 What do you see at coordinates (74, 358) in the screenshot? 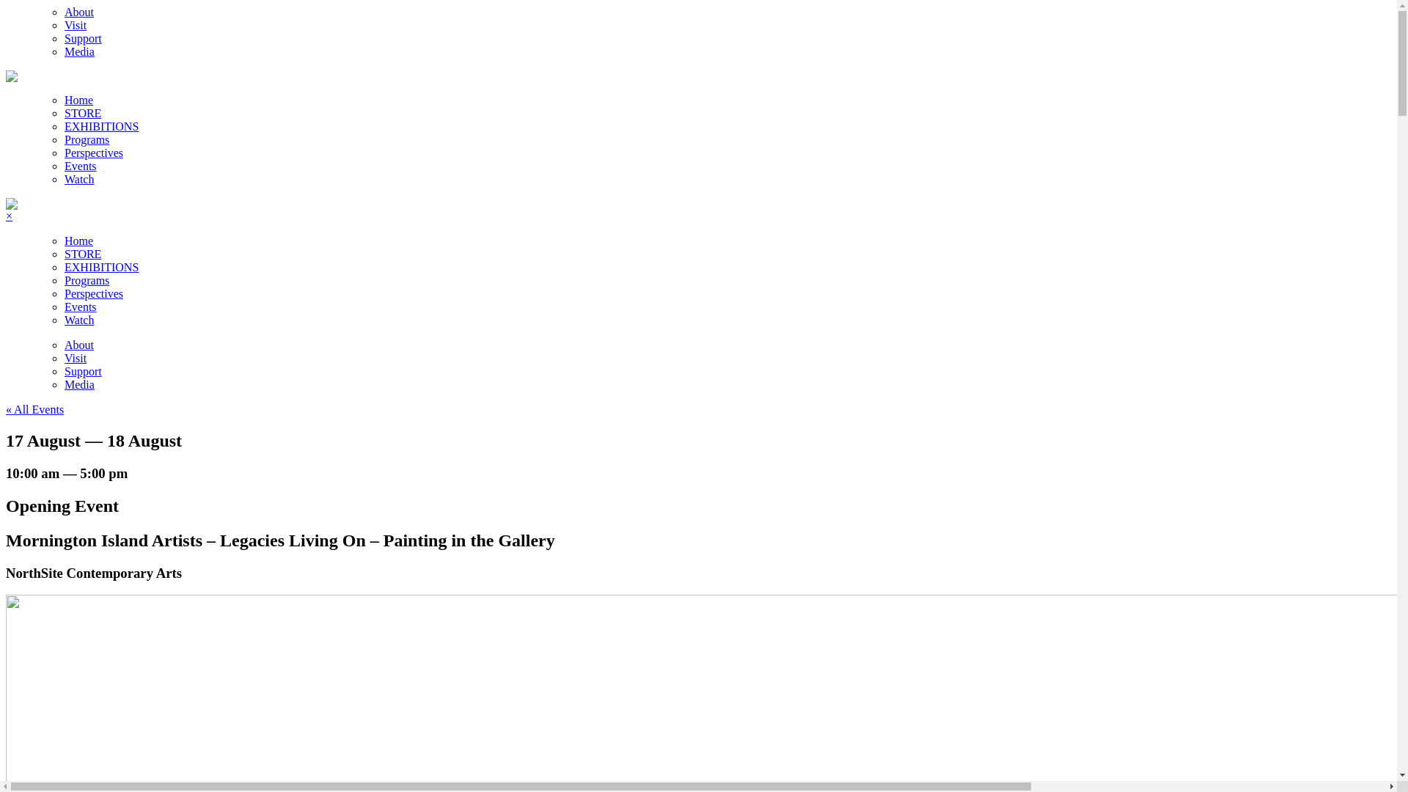
I see `'Visit'` at bounding box center [74, 358].